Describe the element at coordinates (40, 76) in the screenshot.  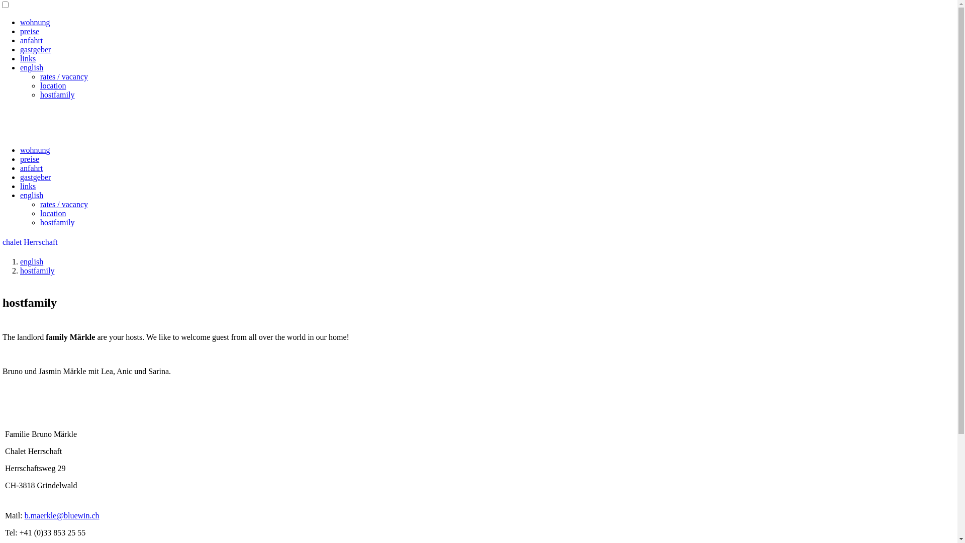
I see `'rates / vacancy'` at that location.